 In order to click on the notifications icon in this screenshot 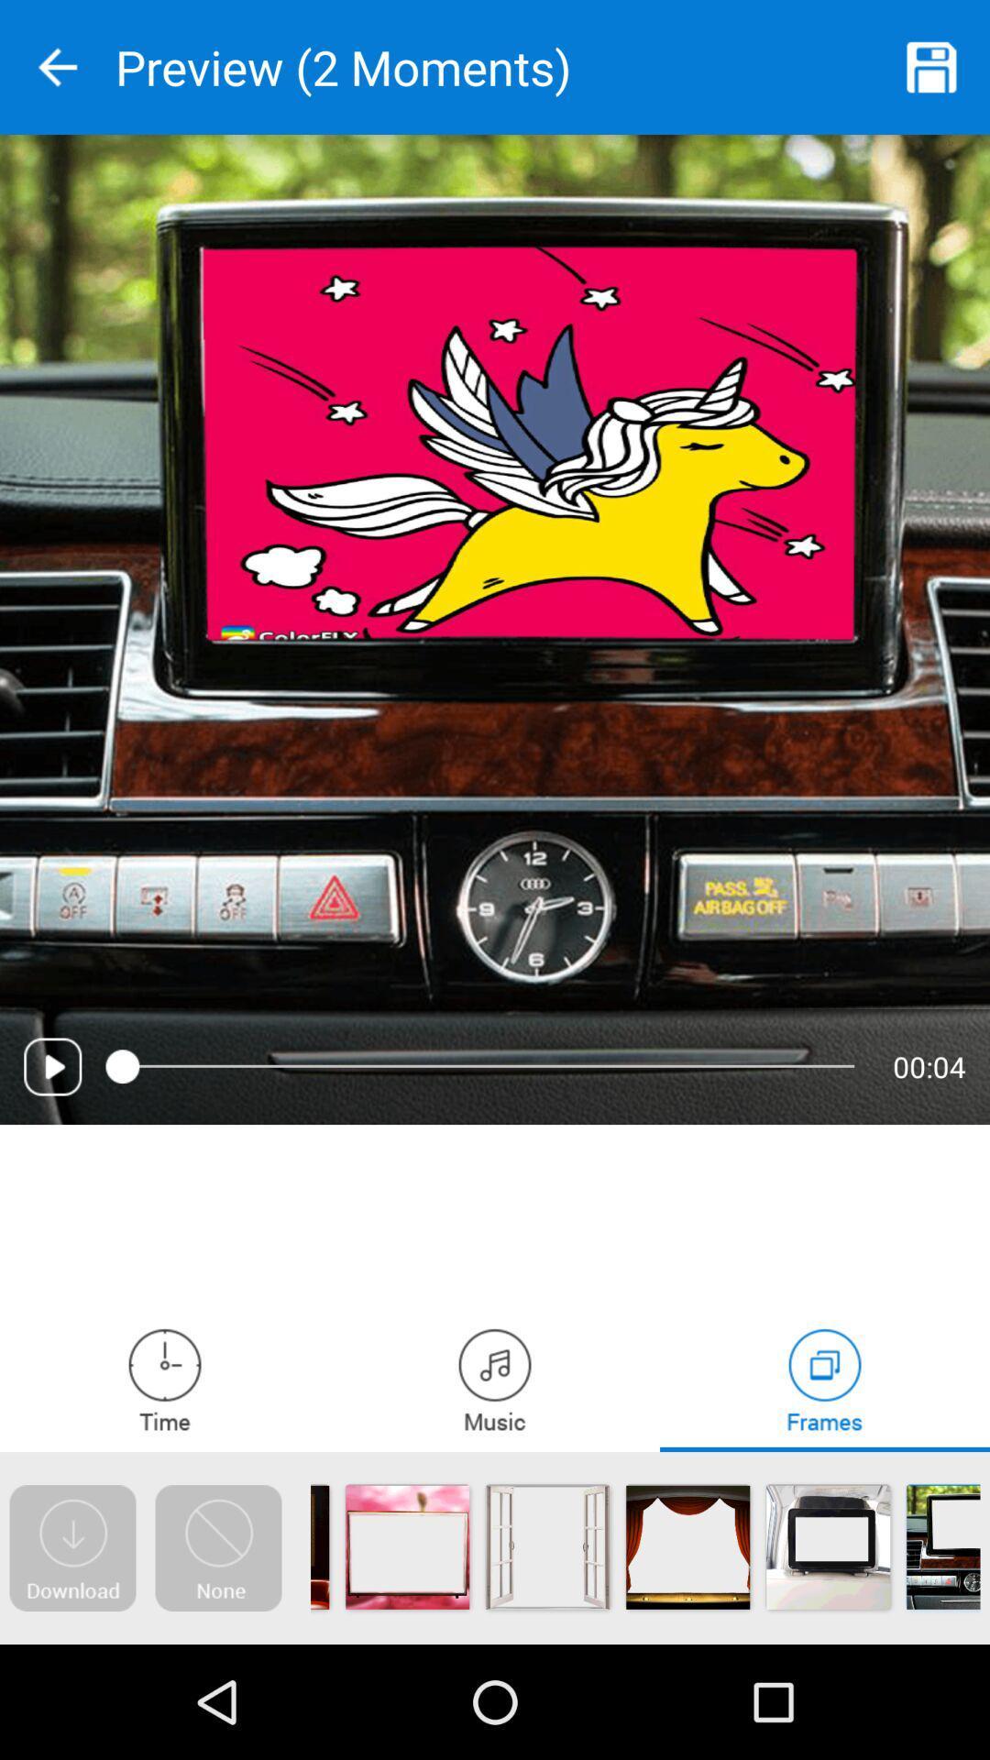, I will do `click(217, 1547)`.